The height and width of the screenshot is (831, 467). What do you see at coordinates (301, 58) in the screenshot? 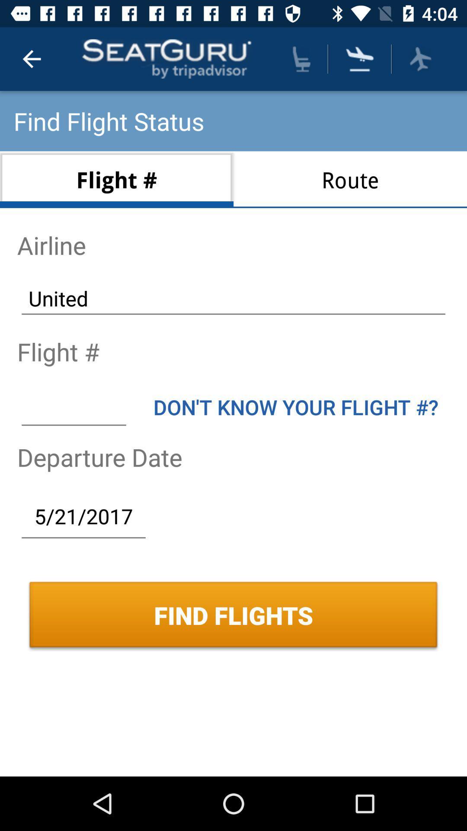
I see `switch to train tab` at bounding box center [301, 58].